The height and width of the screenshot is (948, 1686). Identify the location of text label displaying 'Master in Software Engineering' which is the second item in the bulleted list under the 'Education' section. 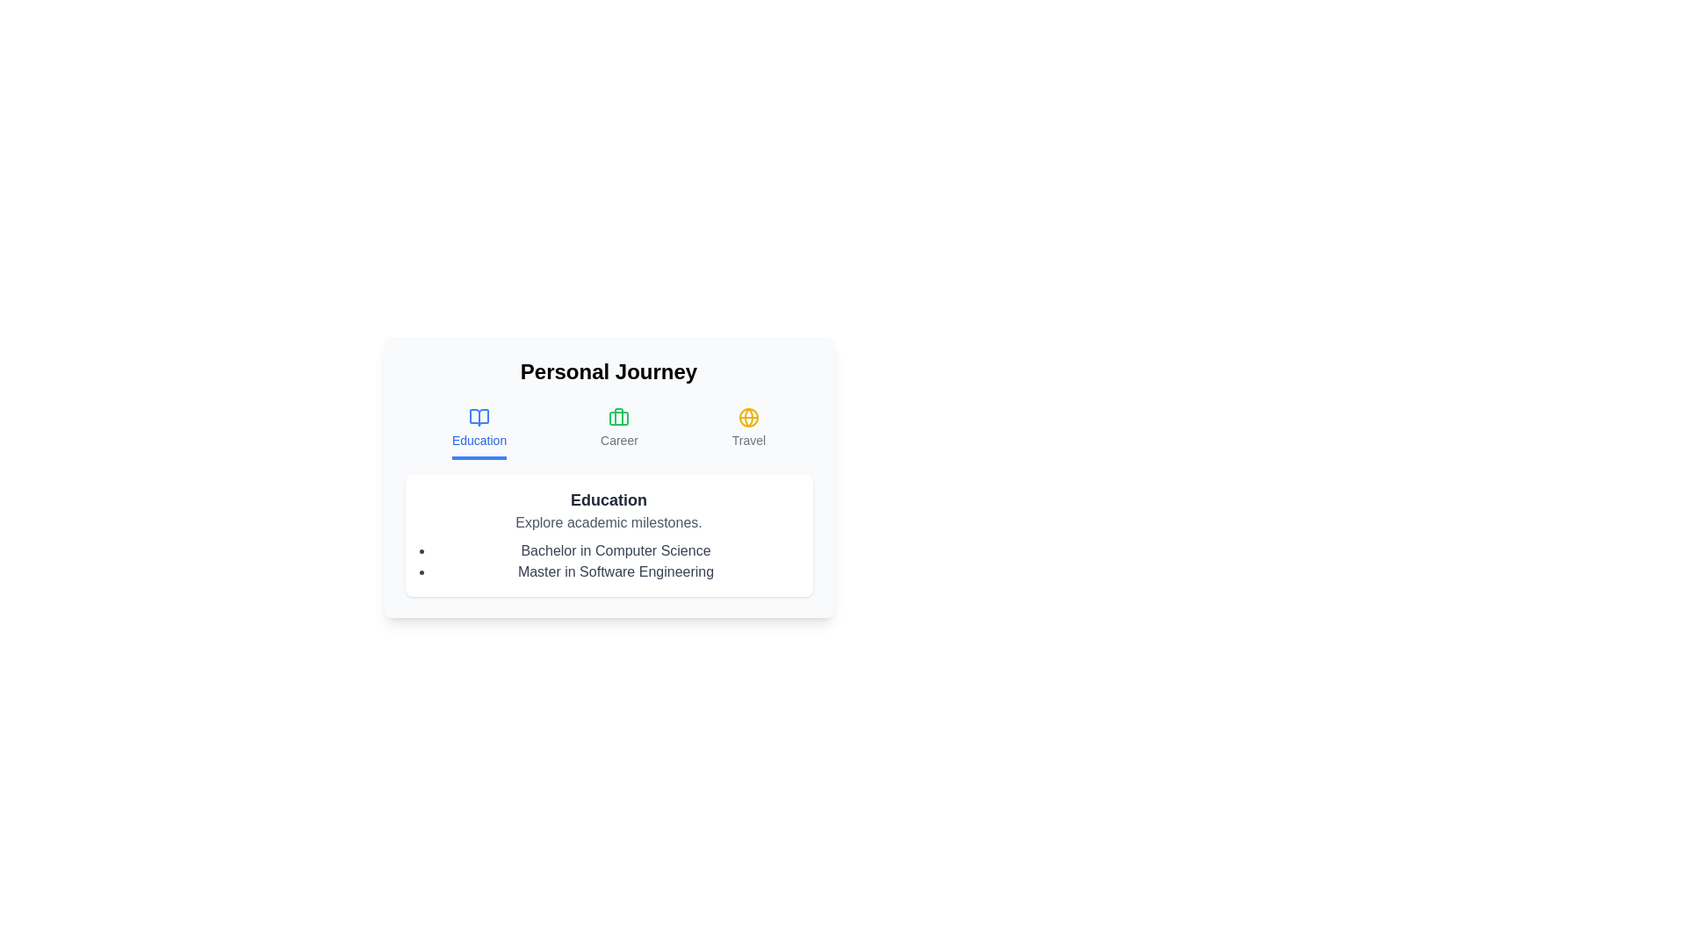
(616, 571).